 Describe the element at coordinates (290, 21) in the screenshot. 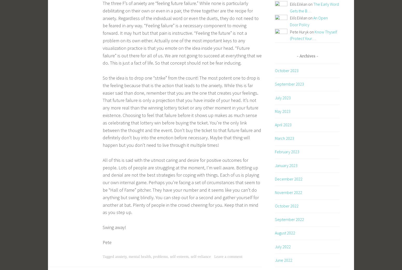

I see `'An Open Door Policy'` at that location.